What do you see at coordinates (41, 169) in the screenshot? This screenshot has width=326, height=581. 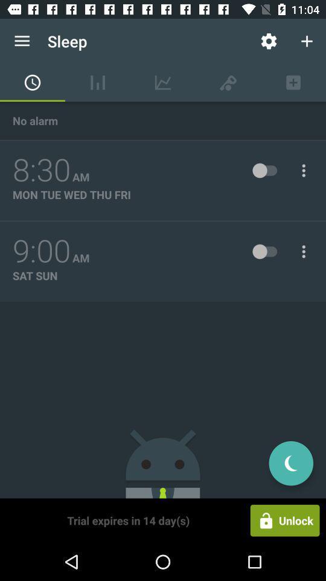 I see `the item next to the am item` at bounding box center [41, 169].